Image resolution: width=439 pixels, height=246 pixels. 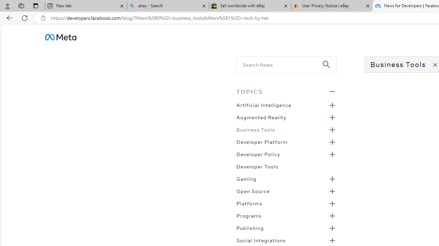 What do you see at coordinates (332, 6) in the screenshot?
I see `'User Privacy Notice | eBay'` at bounding box center [332, 6].